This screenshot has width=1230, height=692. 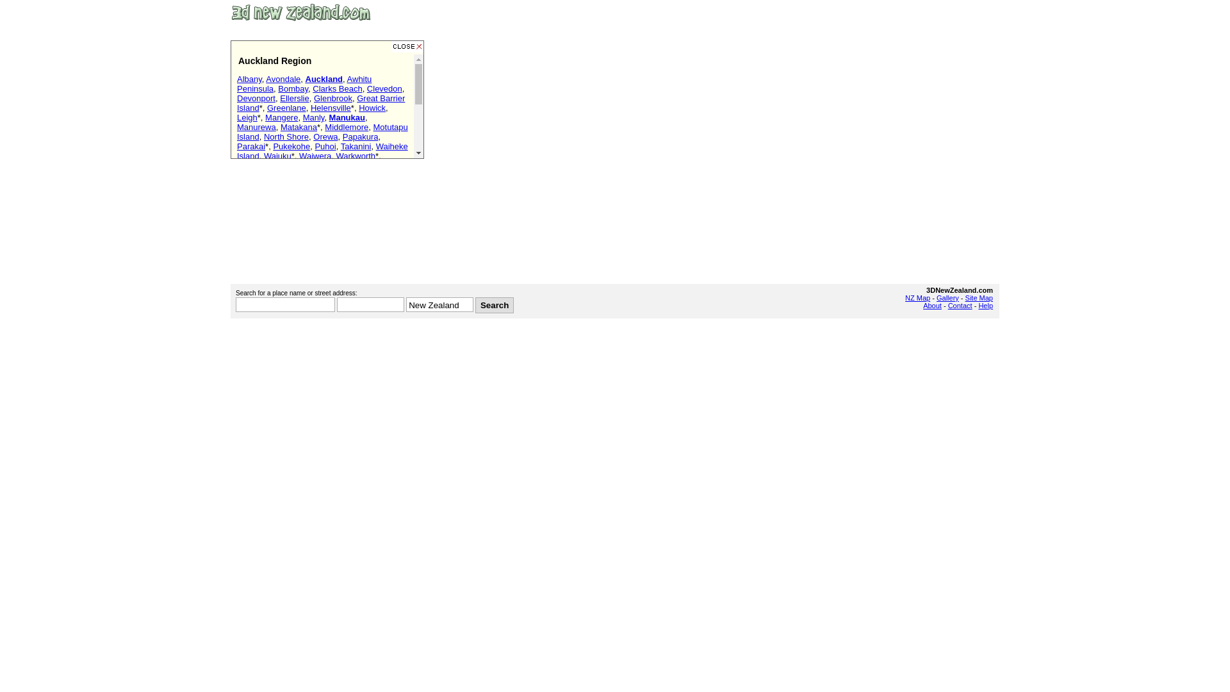 I want to click on 'Albany', so click(x=249, y=79).